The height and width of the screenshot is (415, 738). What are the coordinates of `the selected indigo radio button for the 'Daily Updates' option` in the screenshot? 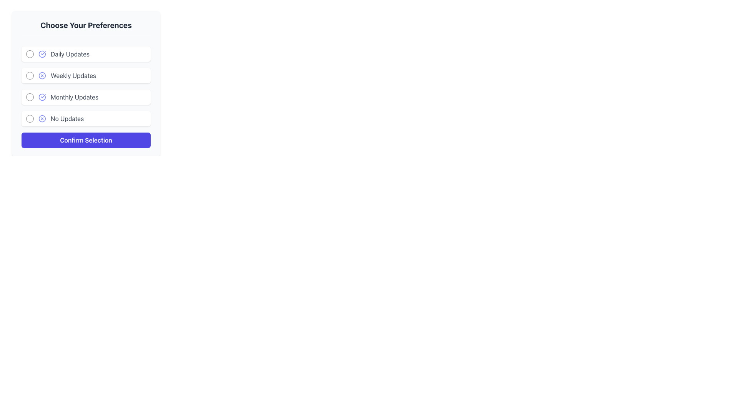 It's located at (30, 54).